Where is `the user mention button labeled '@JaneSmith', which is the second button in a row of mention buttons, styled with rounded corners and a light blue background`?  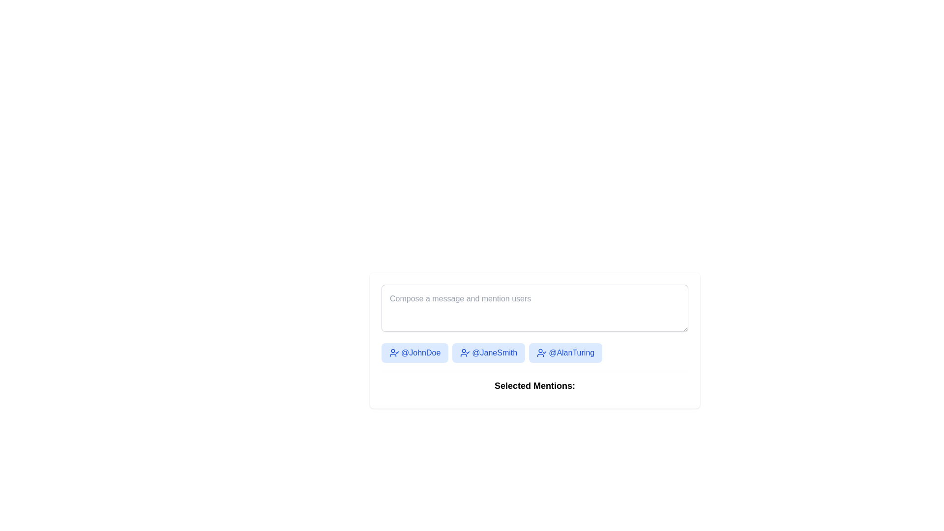 the user mention button labeled '@JaneSmith', which is the second button in a row of mention buttons, styled with rounded corners and a light blue background is located at coordinates (489, 352).